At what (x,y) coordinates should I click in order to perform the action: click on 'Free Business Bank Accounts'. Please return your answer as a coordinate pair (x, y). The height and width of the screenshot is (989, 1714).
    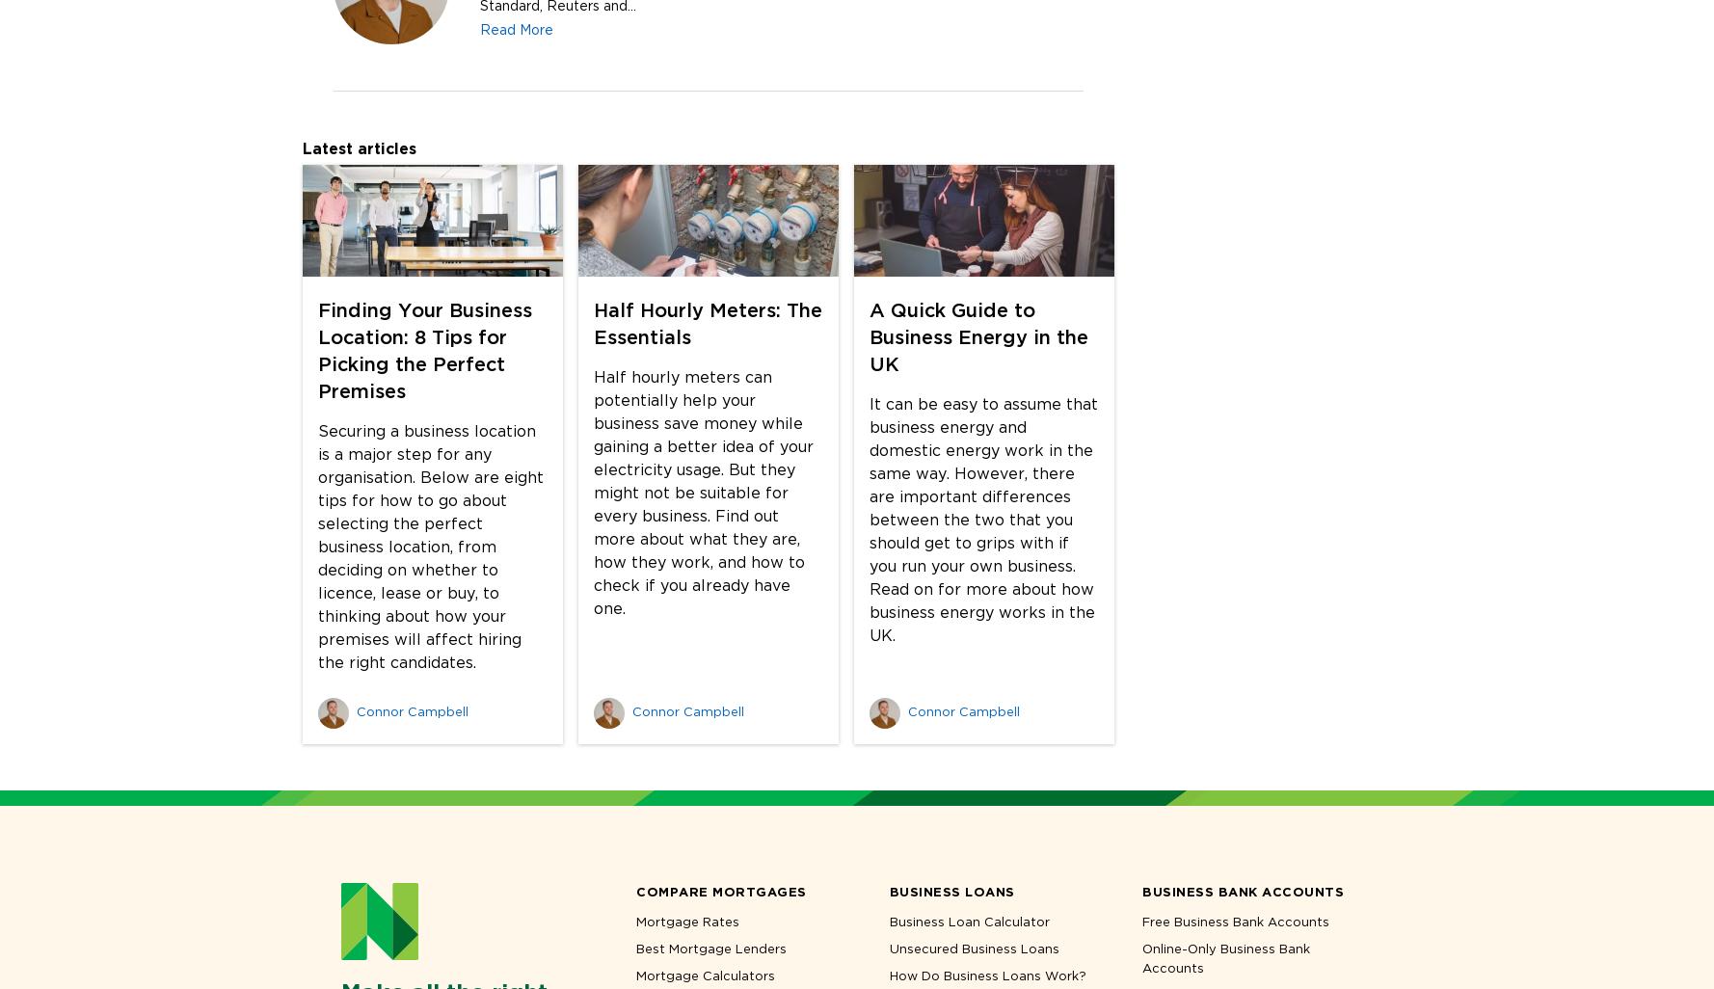
    Looking at the image, I should click on (1235, 921).